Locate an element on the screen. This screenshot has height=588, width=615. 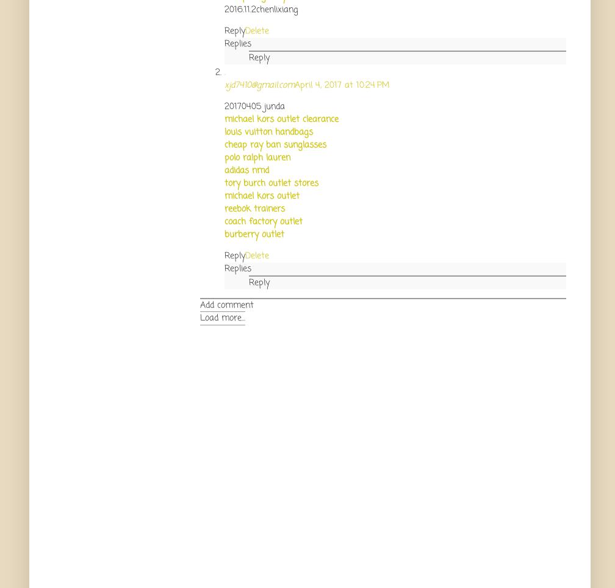
'louis vuitton handbags' is located at coordinates (225, 132).